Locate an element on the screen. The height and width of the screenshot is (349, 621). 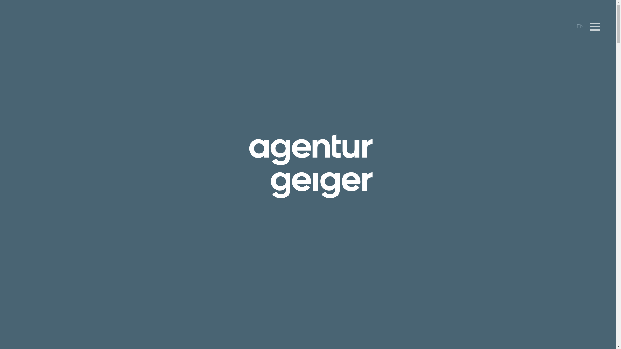
'EN' is located at coordinates (580, 26).